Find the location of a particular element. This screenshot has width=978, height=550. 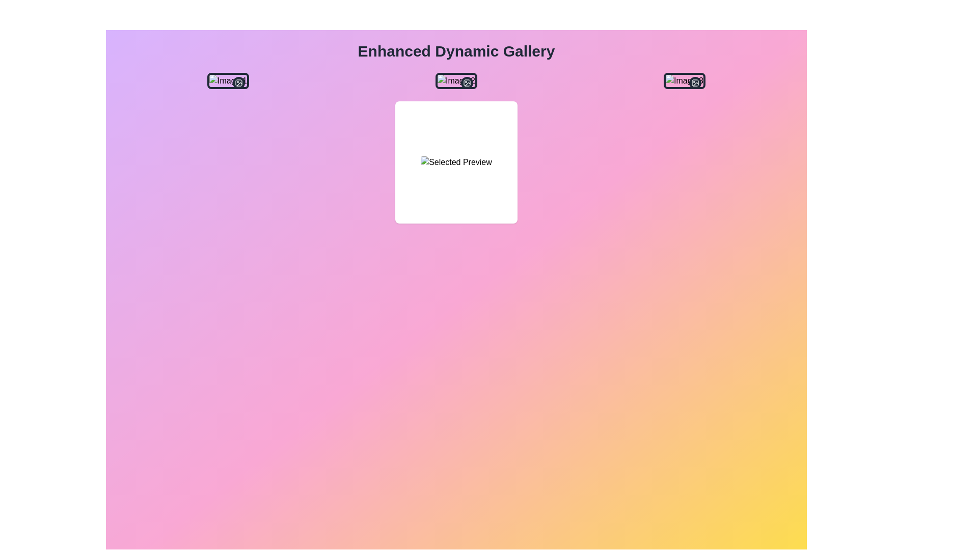

the second image thumbnail is located at coordinates (456, 80).